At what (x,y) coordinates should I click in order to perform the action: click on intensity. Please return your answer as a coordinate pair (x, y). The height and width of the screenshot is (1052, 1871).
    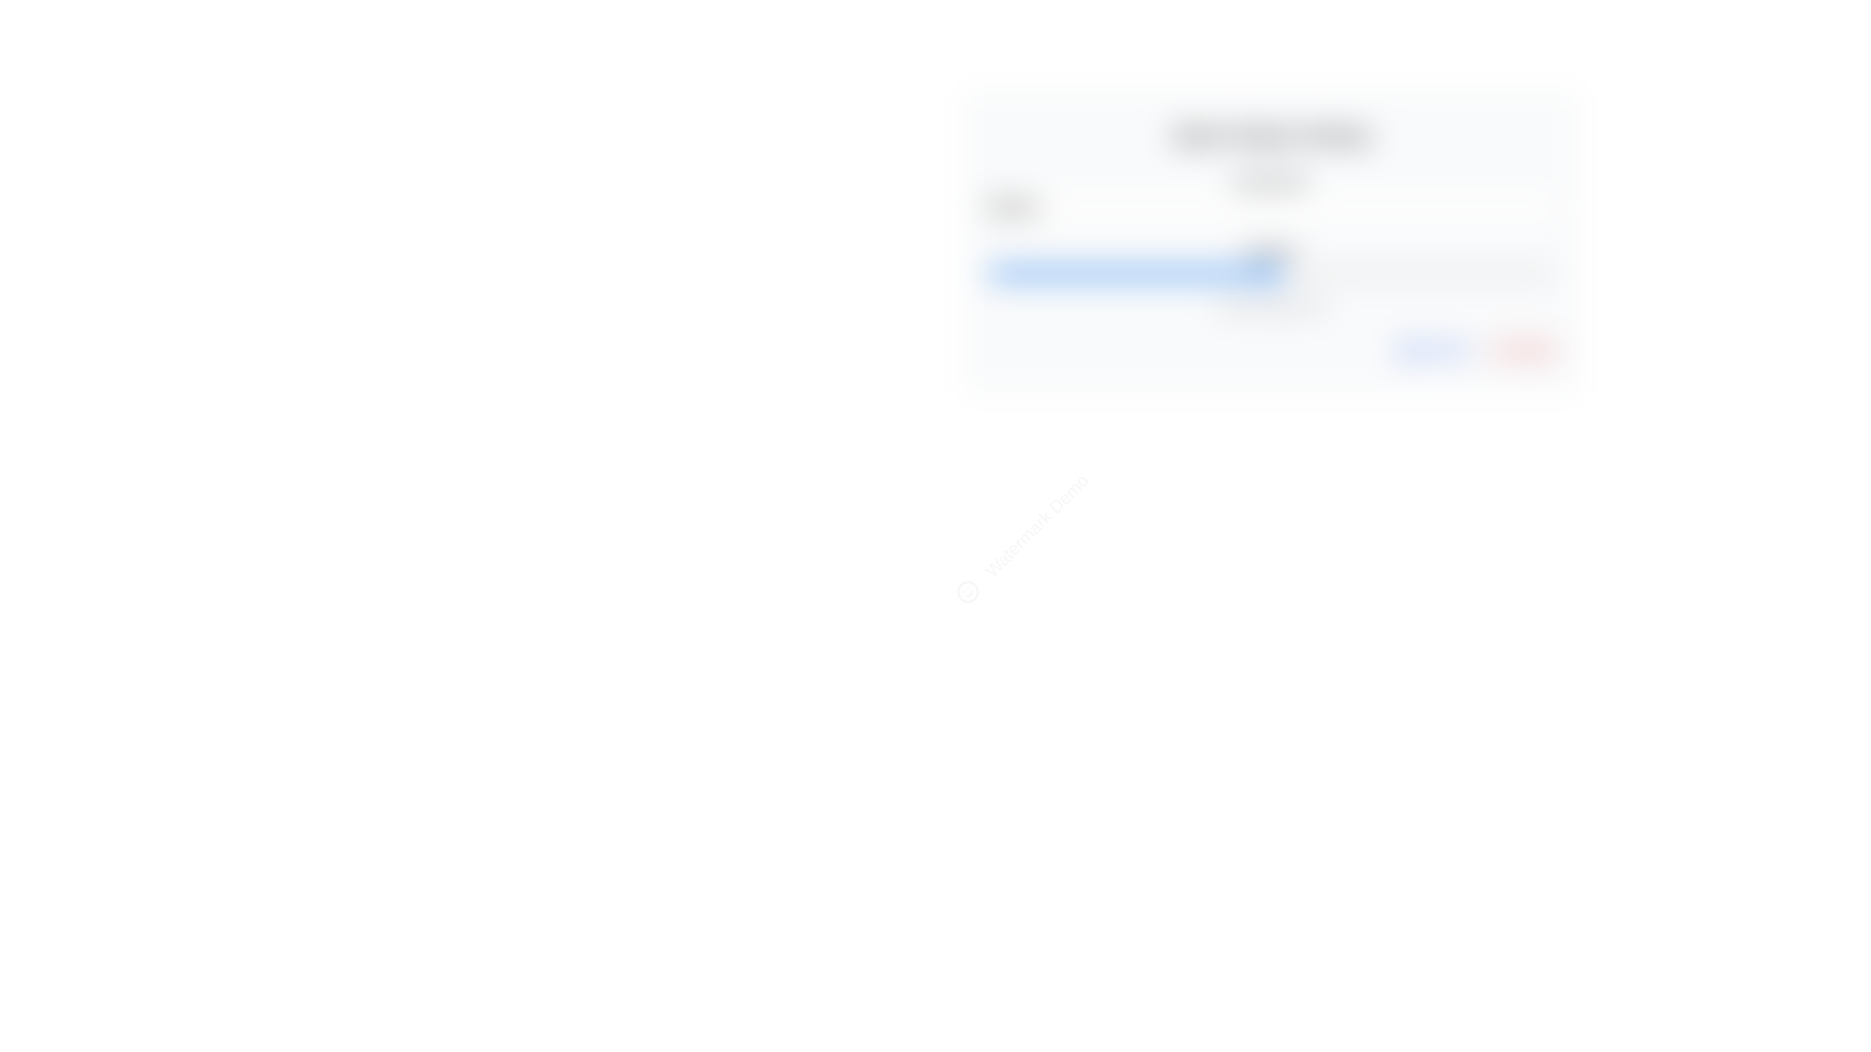
    Looking at the image, I should click on (1372, 274).